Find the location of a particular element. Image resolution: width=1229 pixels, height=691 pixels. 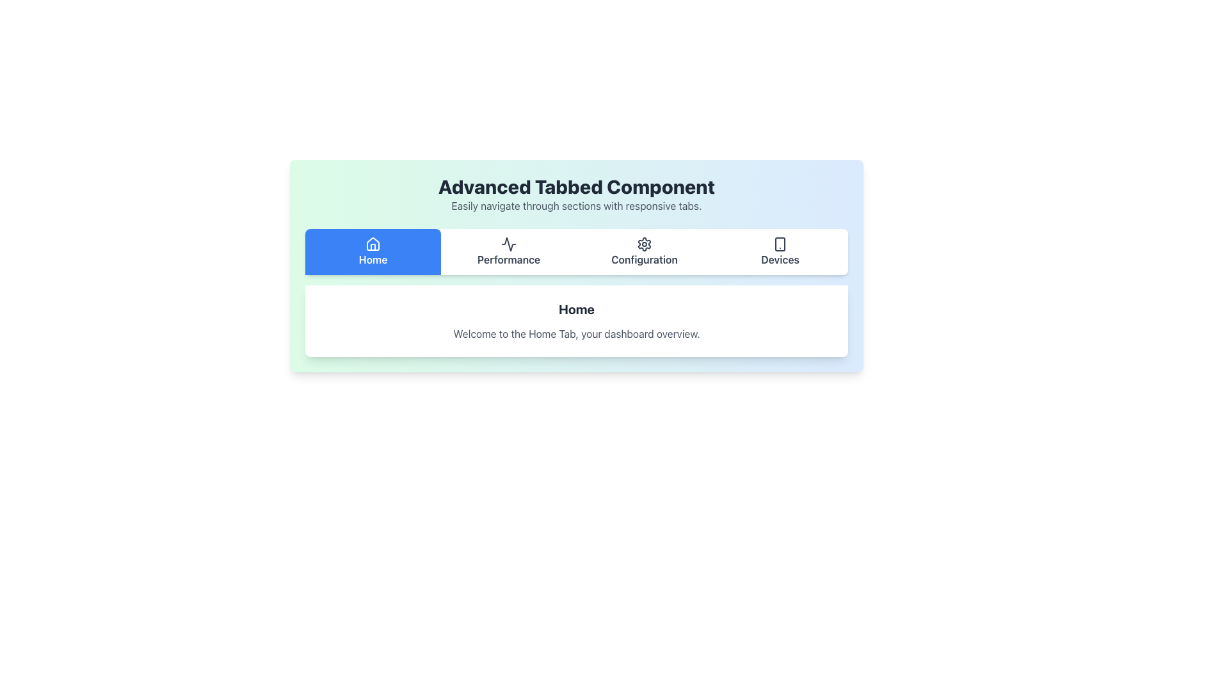

the 'Configuration' text label in the navigation bar, which is associated with a gear icon for settings options is located at coordinates (645, 259).